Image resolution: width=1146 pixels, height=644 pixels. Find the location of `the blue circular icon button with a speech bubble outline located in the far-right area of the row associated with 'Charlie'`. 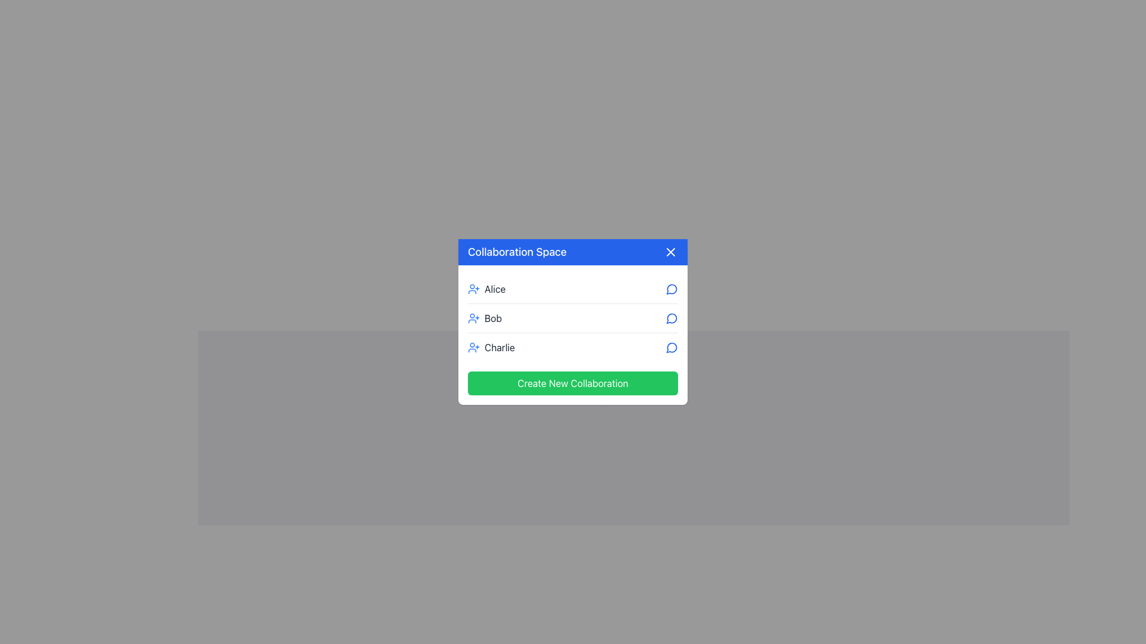

the blue circular icon button with a speech bubble outline located in the far-right area of the row associated with 'Charlie' is located at coordinates (672, 347).